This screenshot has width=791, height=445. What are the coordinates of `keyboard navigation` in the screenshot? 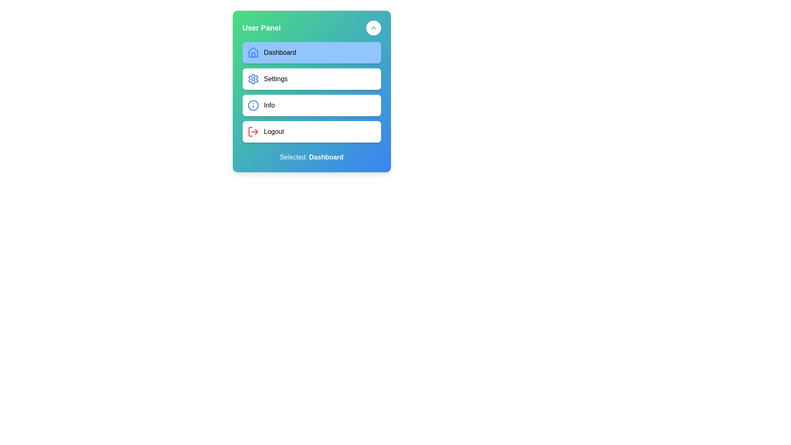 It's located at (311, 91).